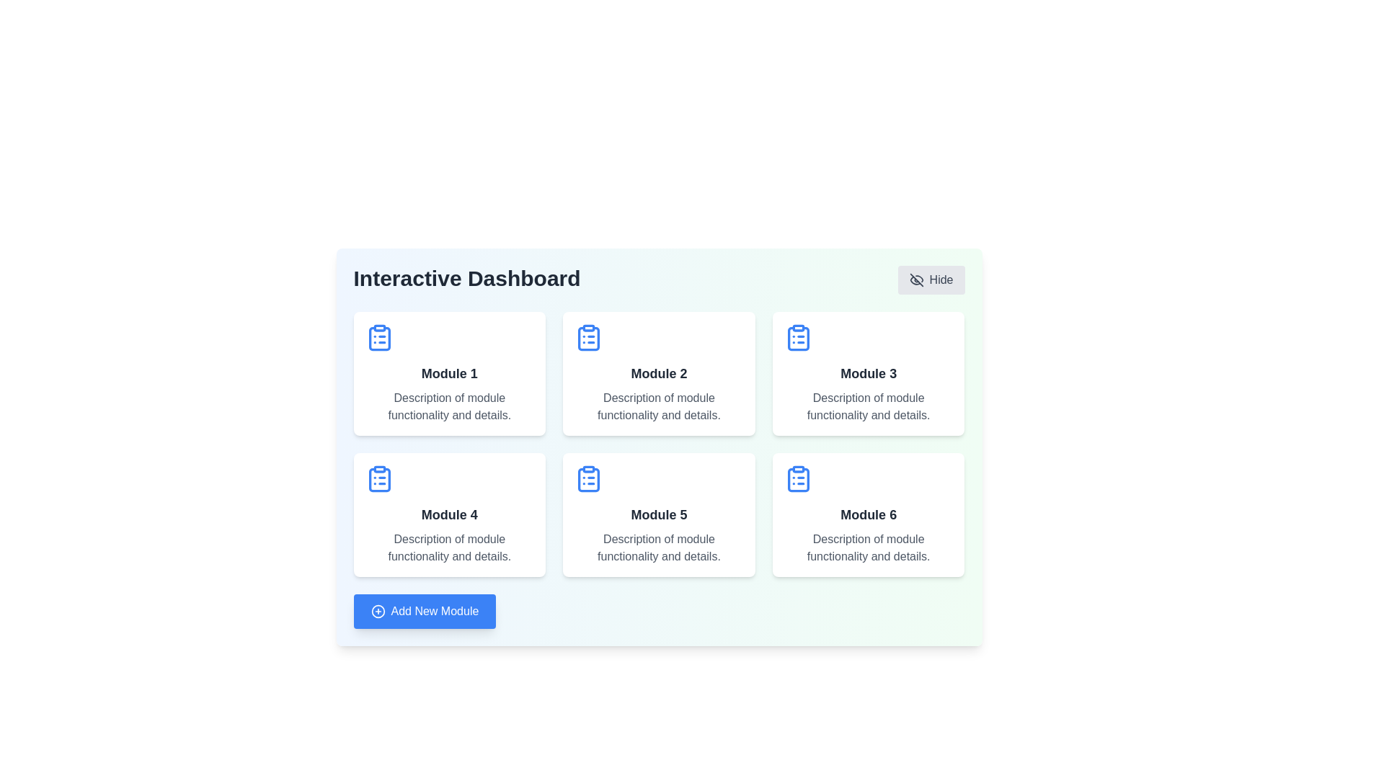 The height and width of the screenshot is (778, 1384). I want to click on the blue clipboard icon with rounded corners that represents module 4, located in the left column of the second row of modules, so click(379, 480).